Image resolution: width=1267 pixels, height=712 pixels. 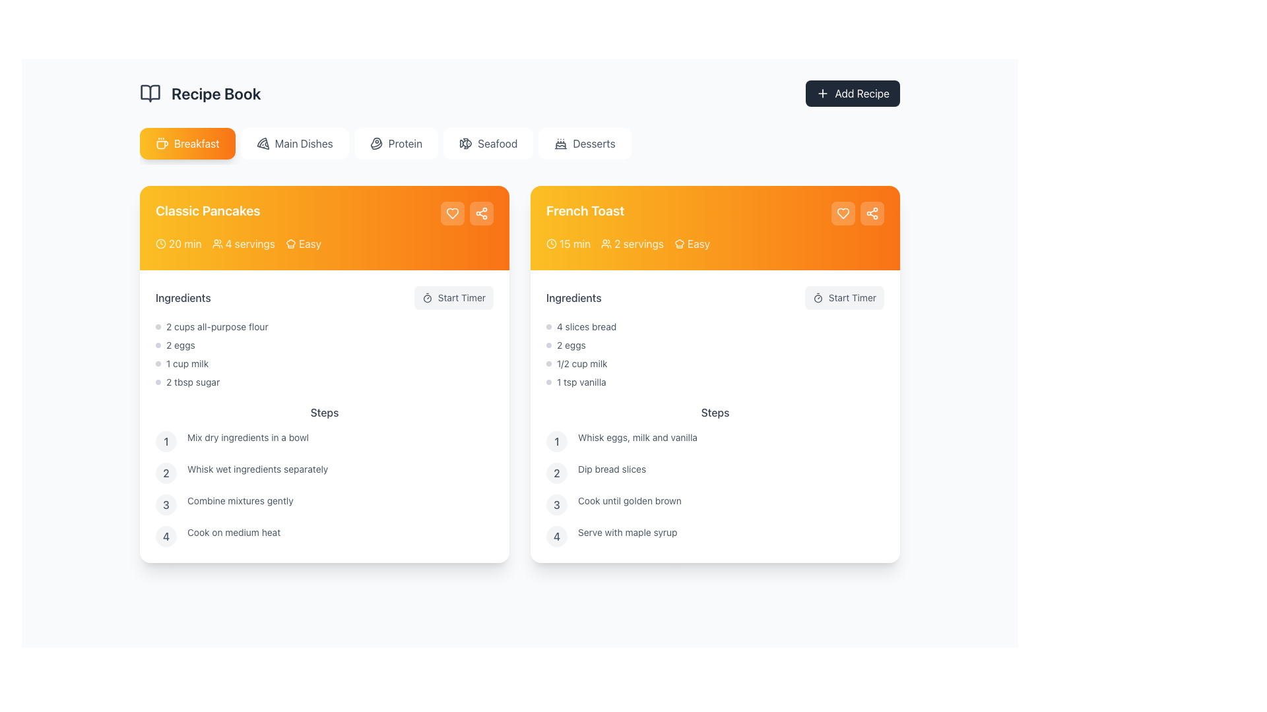 What do you see at coordinates (405, 144) in the screenshot?
I see `the 'Protein' button, which is the third item in the horizontal navigation bar` at bounding box center [405, 144].